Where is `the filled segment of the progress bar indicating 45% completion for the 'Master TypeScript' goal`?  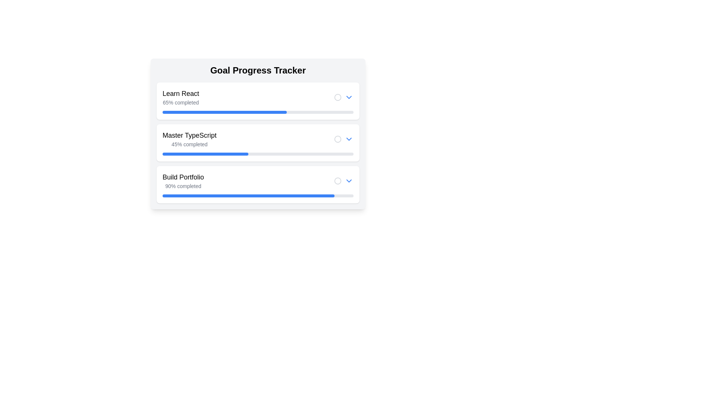 the filled segment of the progress bar indicating 45% completion for the 'Master TypeScript' goal is located at coordinates (205, 153).